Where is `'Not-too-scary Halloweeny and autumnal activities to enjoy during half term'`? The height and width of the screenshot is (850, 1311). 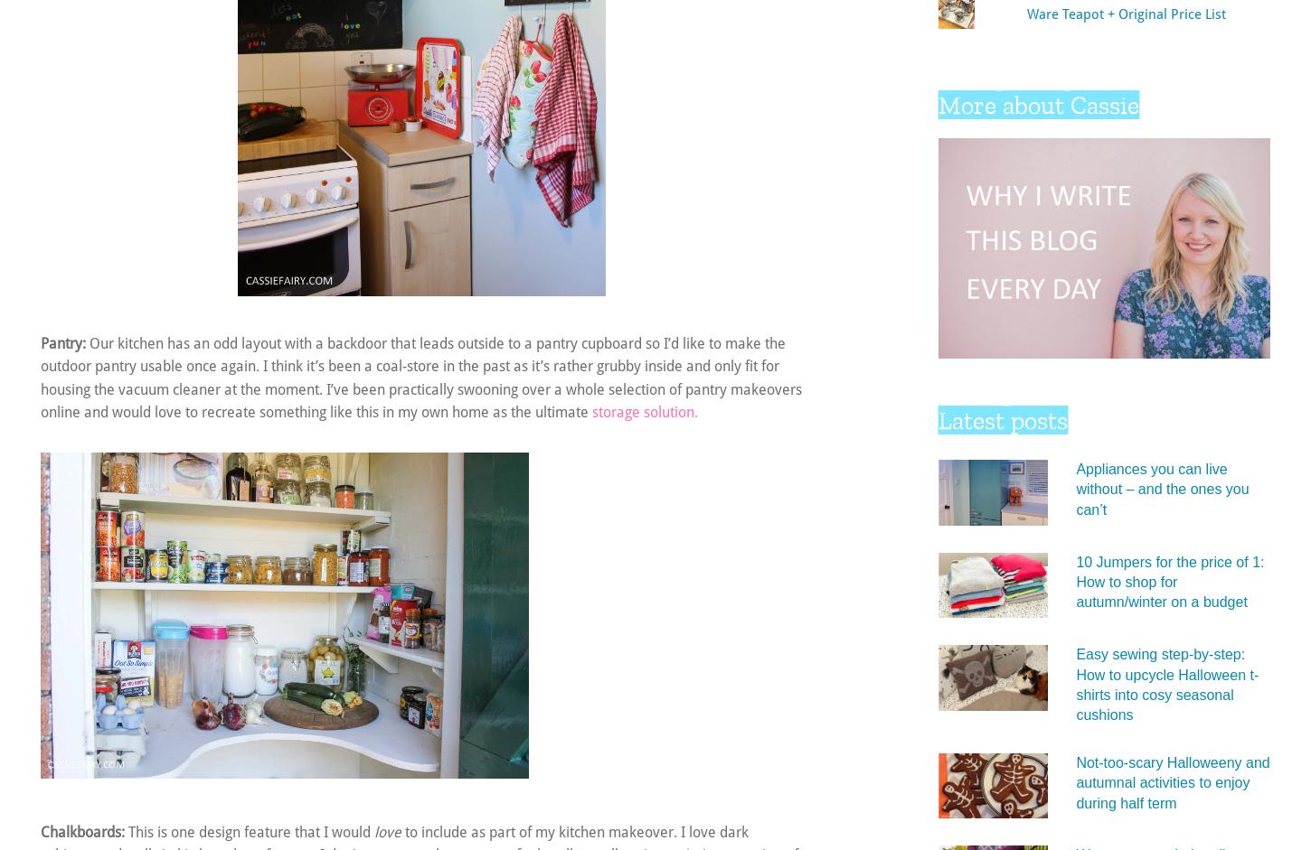
'Not-too-scary Halloweeny and autumnal activities to enjoy during half term' is located at coordinates (1173, 782).